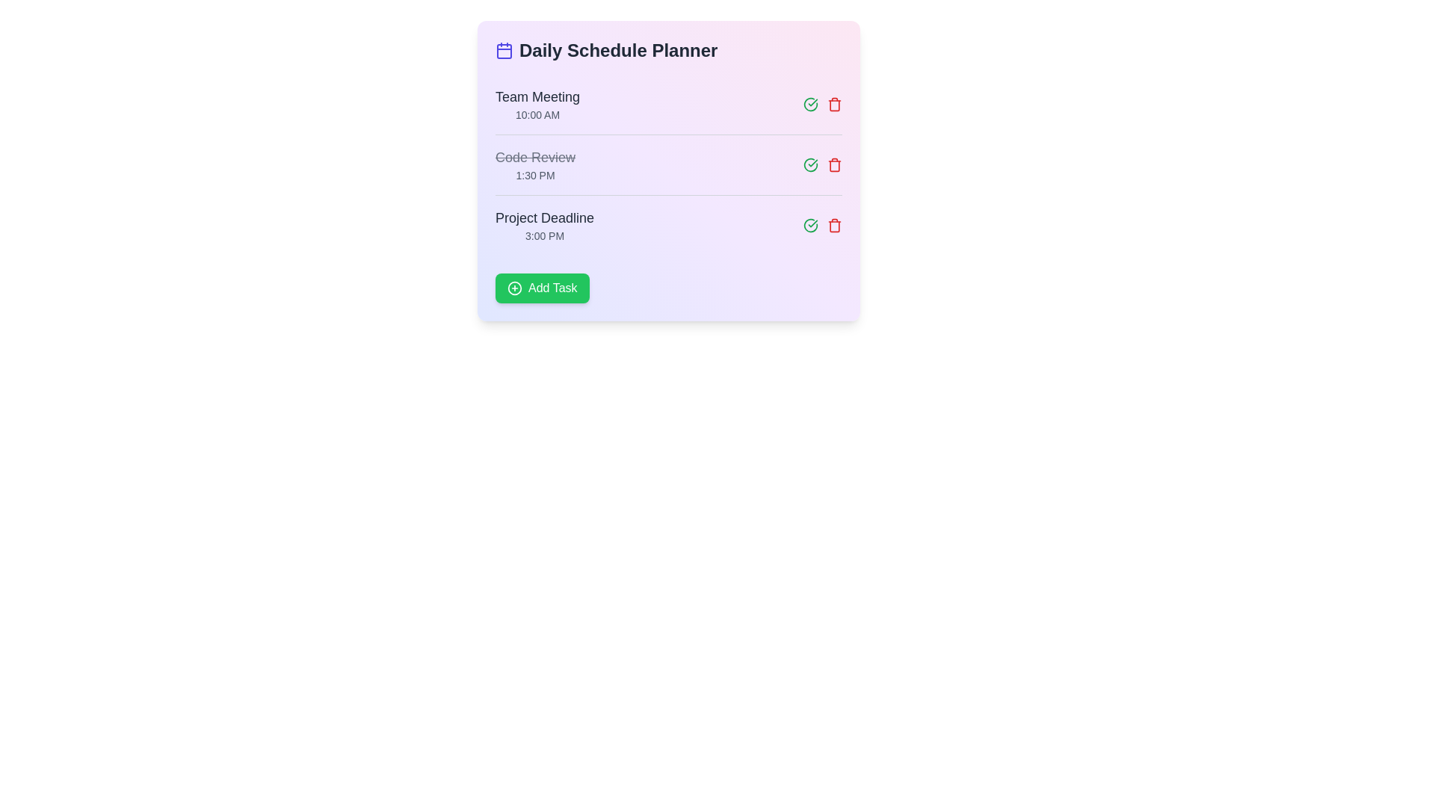 The height and width of the screenshot is (807, 1435). What do you see at coordinates (809, 164) in the screenshot?
I see `the 'complete' button for the task identified by Code Review` at bounding box center [809, 164].